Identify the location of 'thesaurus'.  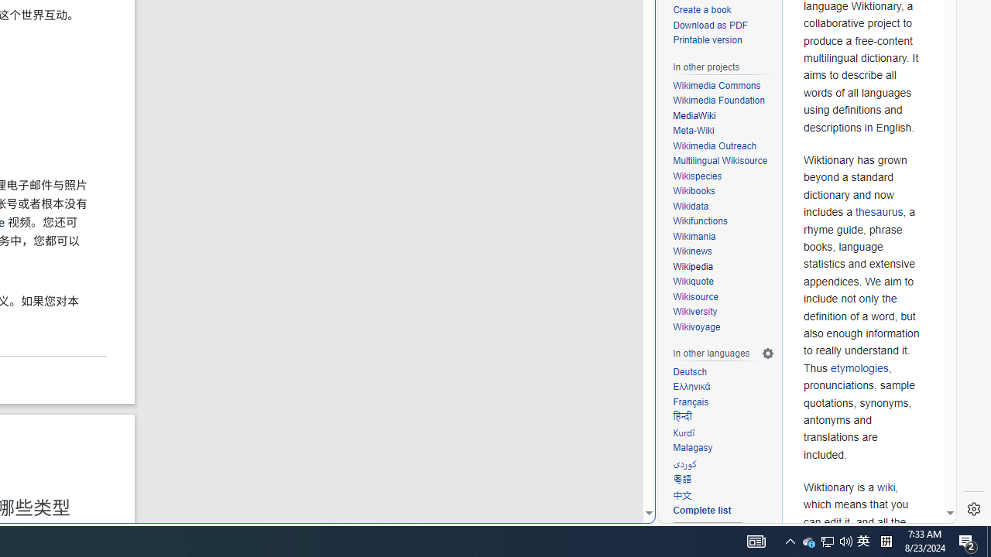
(879, 212).